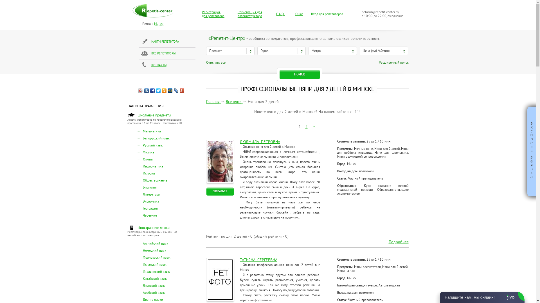  Describe the element at coordinates (280, 14) in the screenshot. I see `'F.A.Q.'` at that location.